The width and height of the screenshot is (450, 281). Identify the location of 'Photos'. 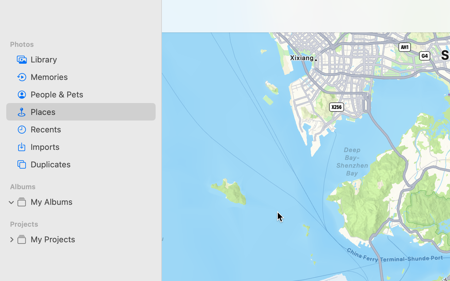
(84, 44).